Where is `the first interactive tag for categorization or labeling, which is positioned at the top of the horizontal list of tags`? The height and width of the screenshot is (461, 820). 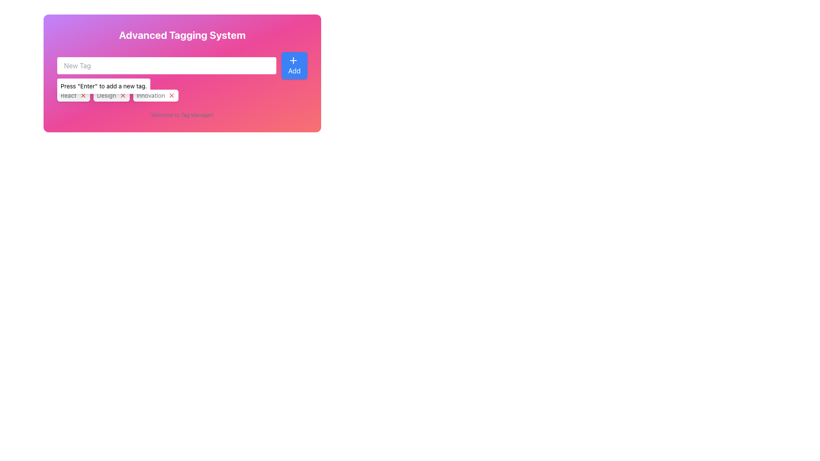
the first interactive tag for categorization or labeling, which is positioned at the top of the horizontal list of tags is located at coordinates (73, 95).